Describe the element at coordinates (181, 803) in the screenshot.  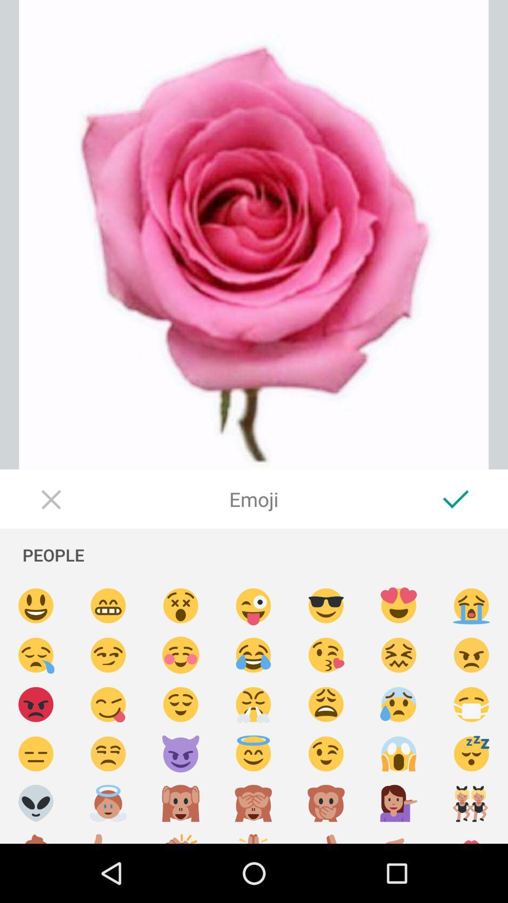
I see `type emoji` at that location.